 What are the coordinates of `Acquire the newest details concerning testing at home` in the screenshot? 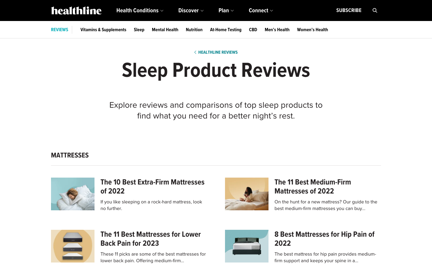 It's located at (225, 29).